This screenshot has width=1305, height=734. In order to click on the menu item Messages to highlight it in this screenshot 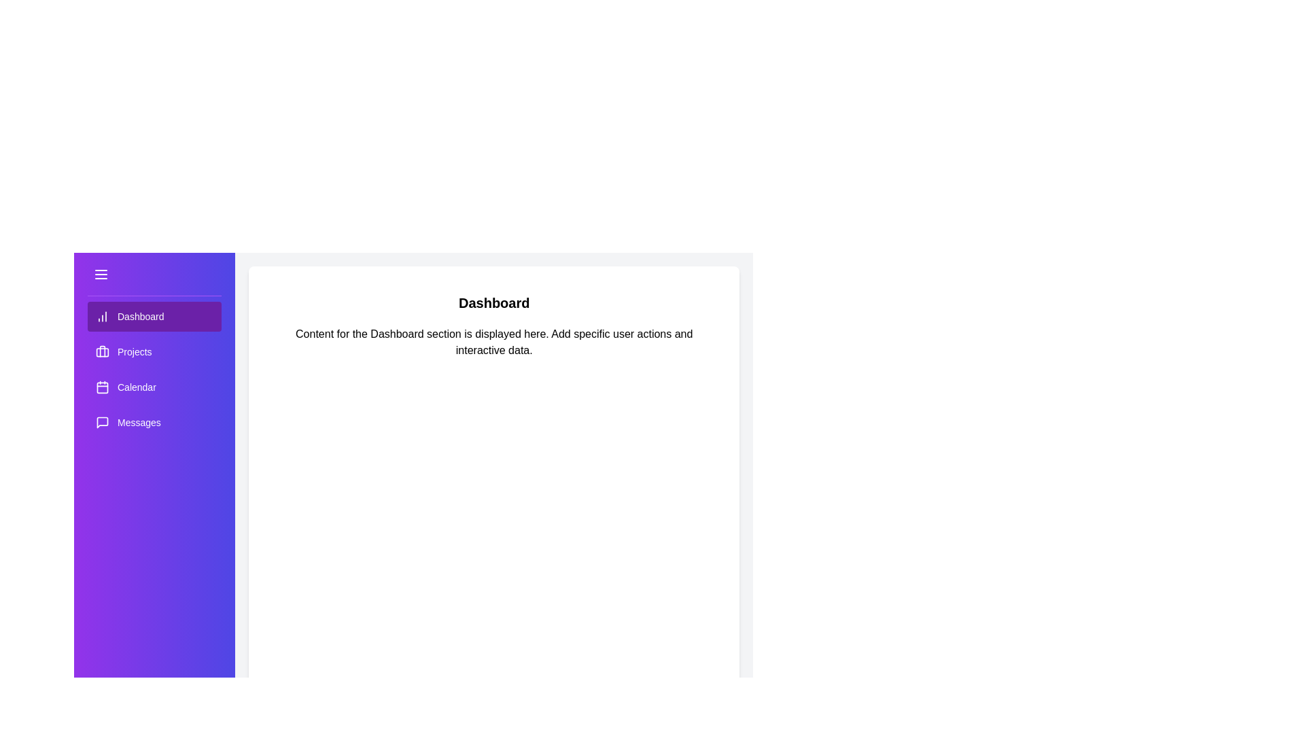, I will do `click(154, 421)`.